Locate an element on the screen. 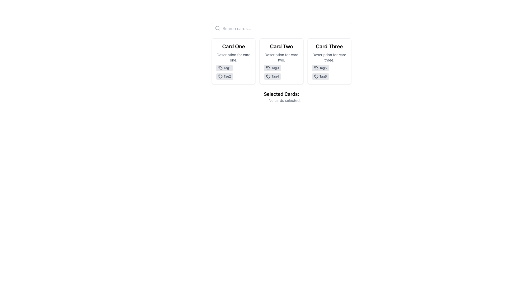 This screenshot has height=285, width=507. the second tag element labeled 'Tag4' with a light gray background located in the second card labeled 'Card Two' is located at coordinates (273, 76).